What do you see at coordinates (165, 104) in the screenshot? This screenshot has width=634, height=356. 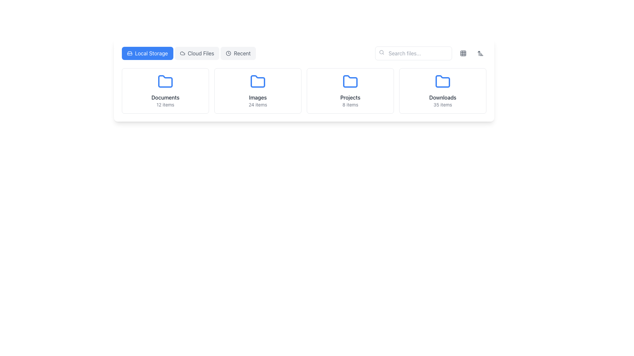 I see `the static text label component that provides information about the number of items in the 'Documents' folder, located directly below the 'Documents' title` at bounding box center [165, 104].